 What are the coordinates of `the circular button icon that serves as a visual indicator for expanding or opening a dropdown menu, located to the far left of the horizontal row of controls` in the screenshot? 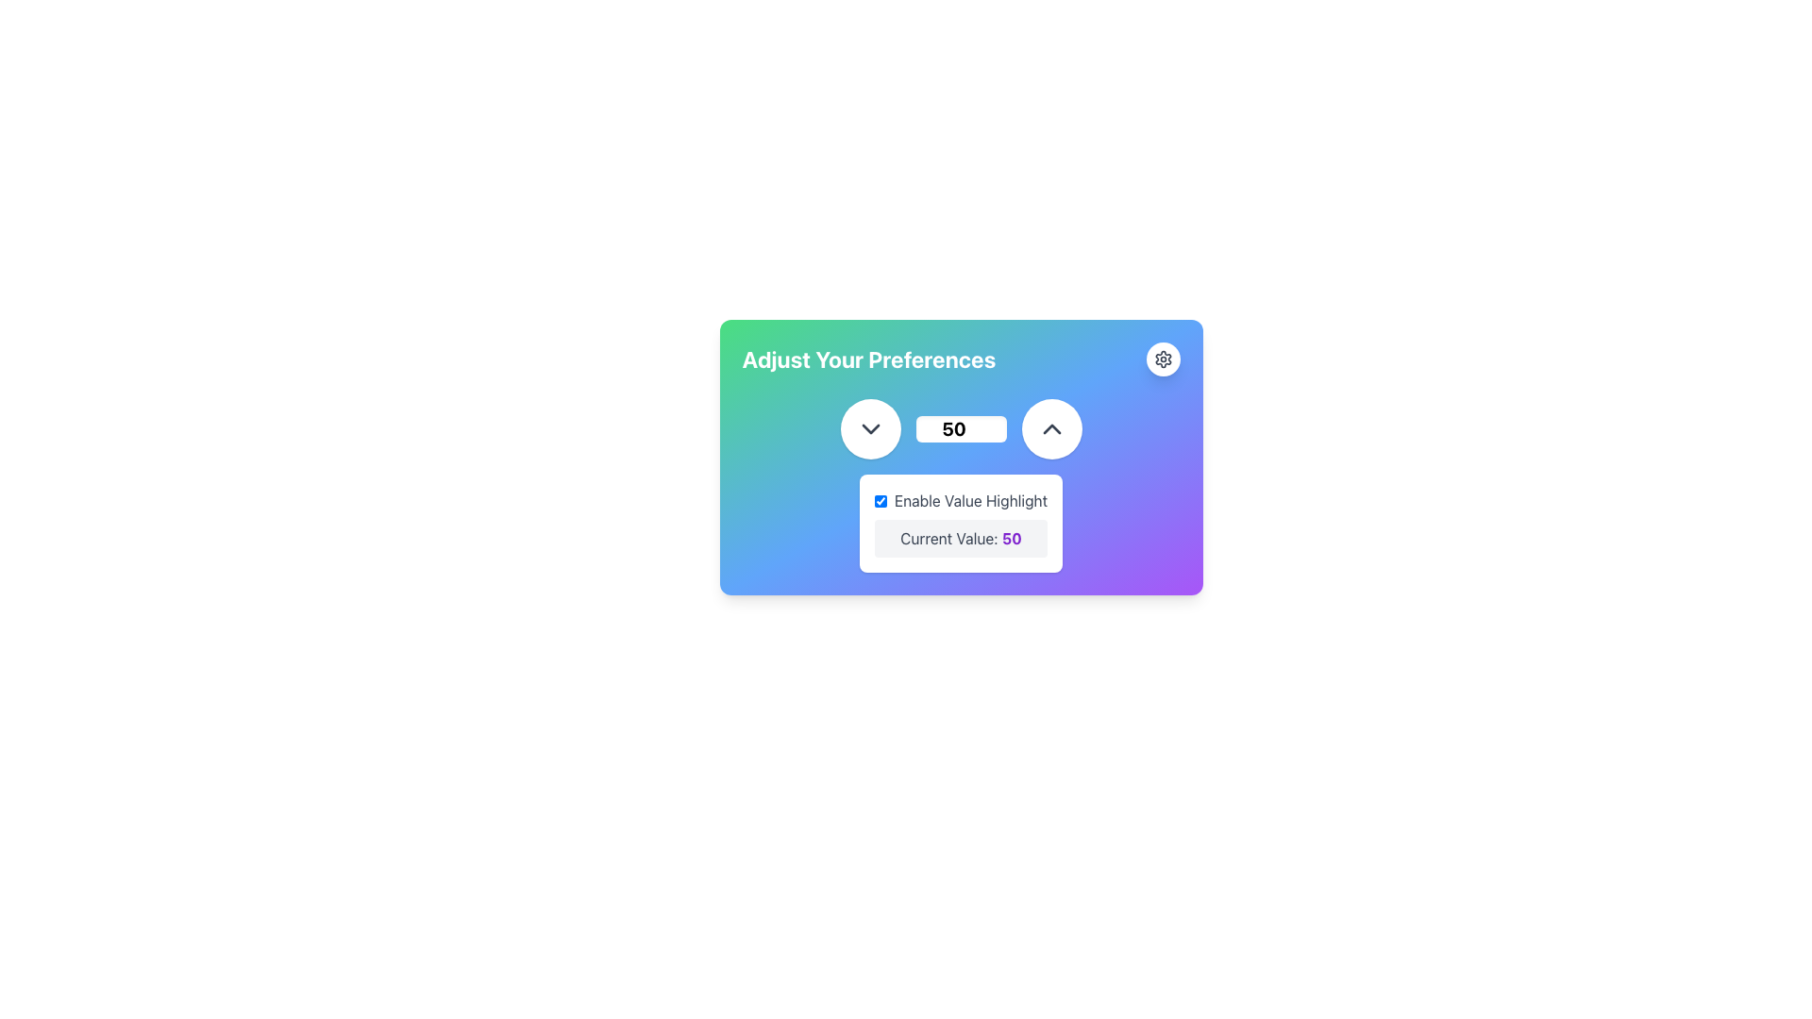 It's located at (869, 429).